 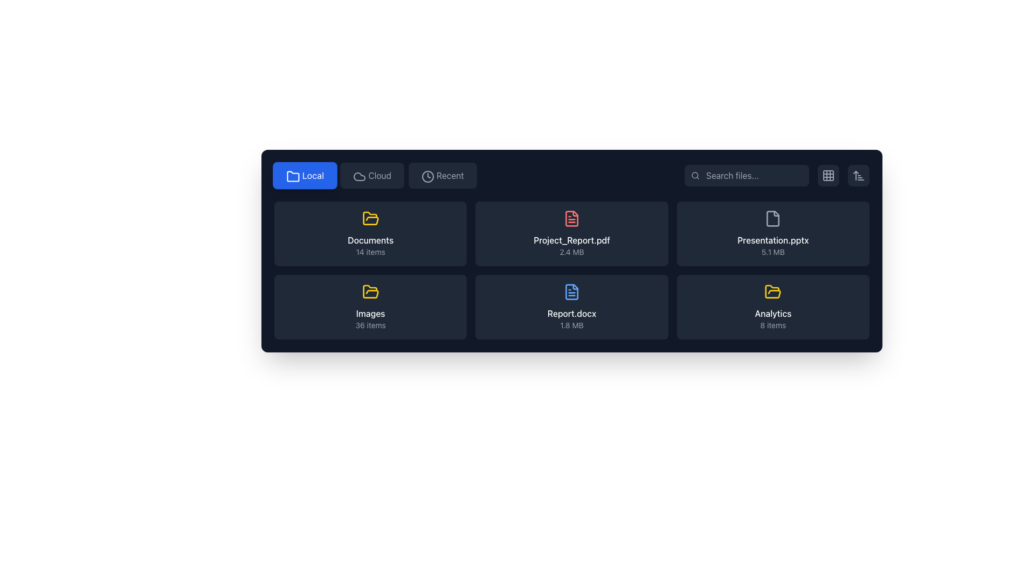 I want to click on the file entry titled 'Presentation.pptx' with a file size of '5.1 MB', so click(x=772, y=233).